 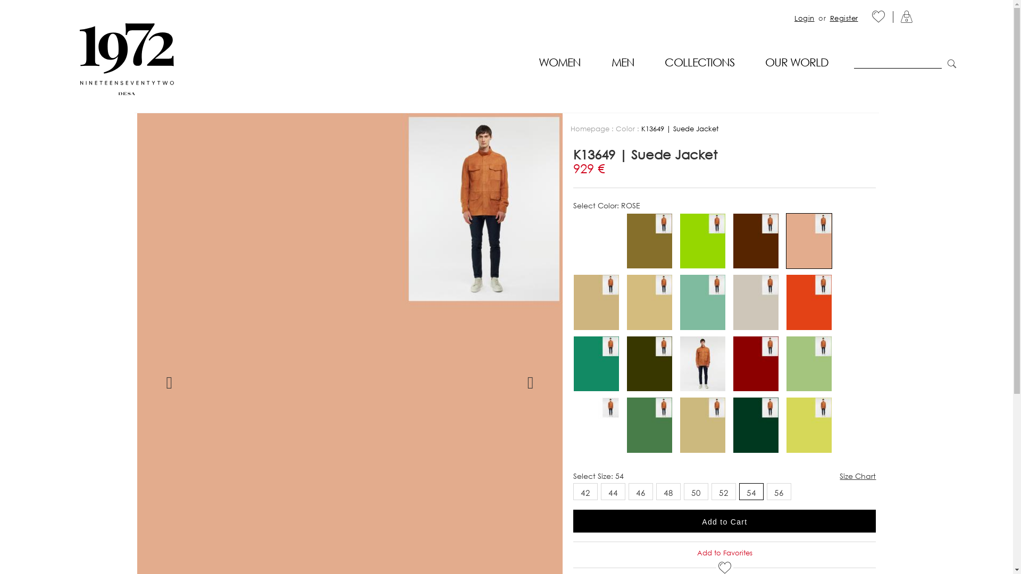 What do you see at coordinates (625, 128) in the screenshot?
I see `'Color'` at bounding box center [625, 128].